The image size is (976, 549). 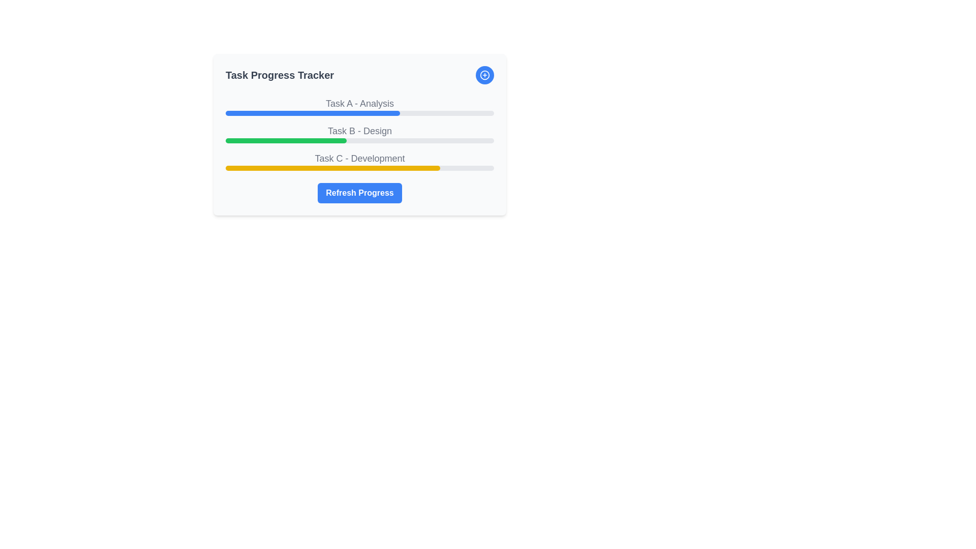 I want to click on the innermost circular shape located inside the icon button at the top-right corner of the task progress tracker interface, so click(x=484, y=74).